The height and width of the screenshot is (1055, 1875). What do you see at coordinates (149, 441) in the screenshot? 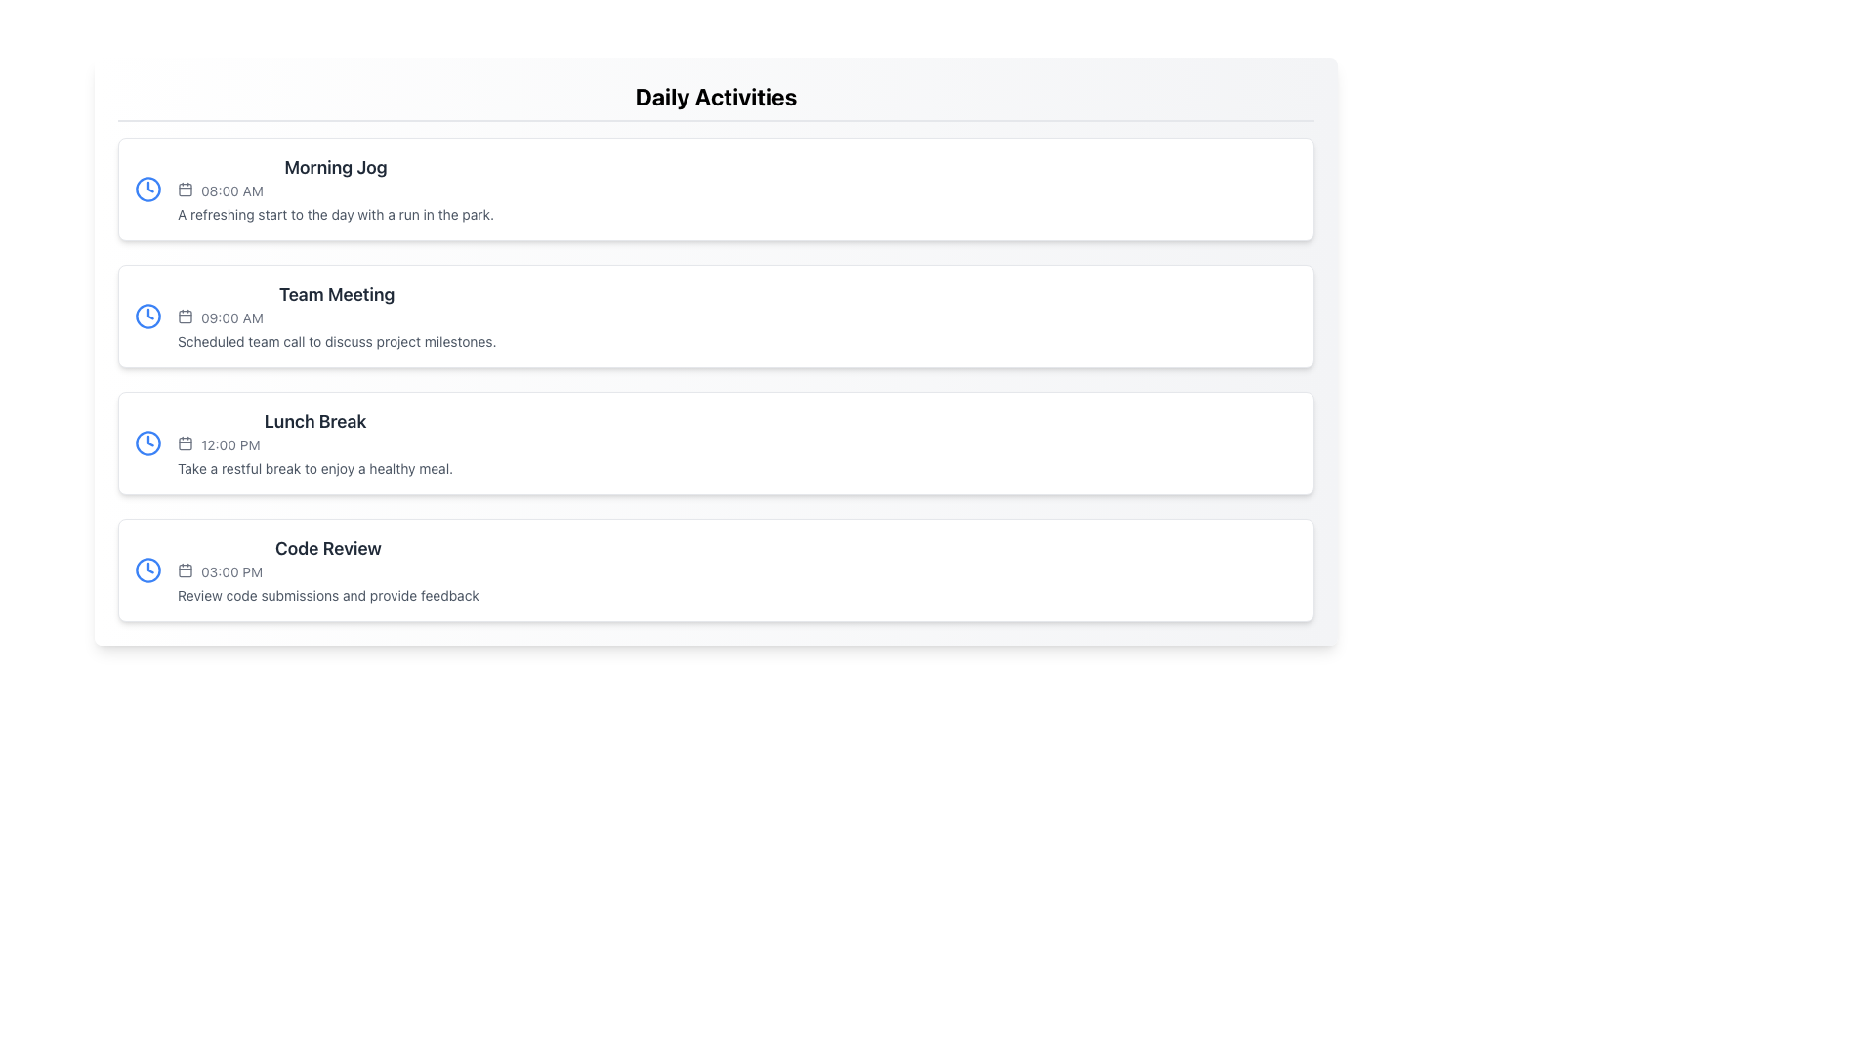
I see `the triangular component of the SVG-based clock icon located to the left of the '12:00 PM' text in the 'Lunch Break' entry` at bounding box center [149, 441].